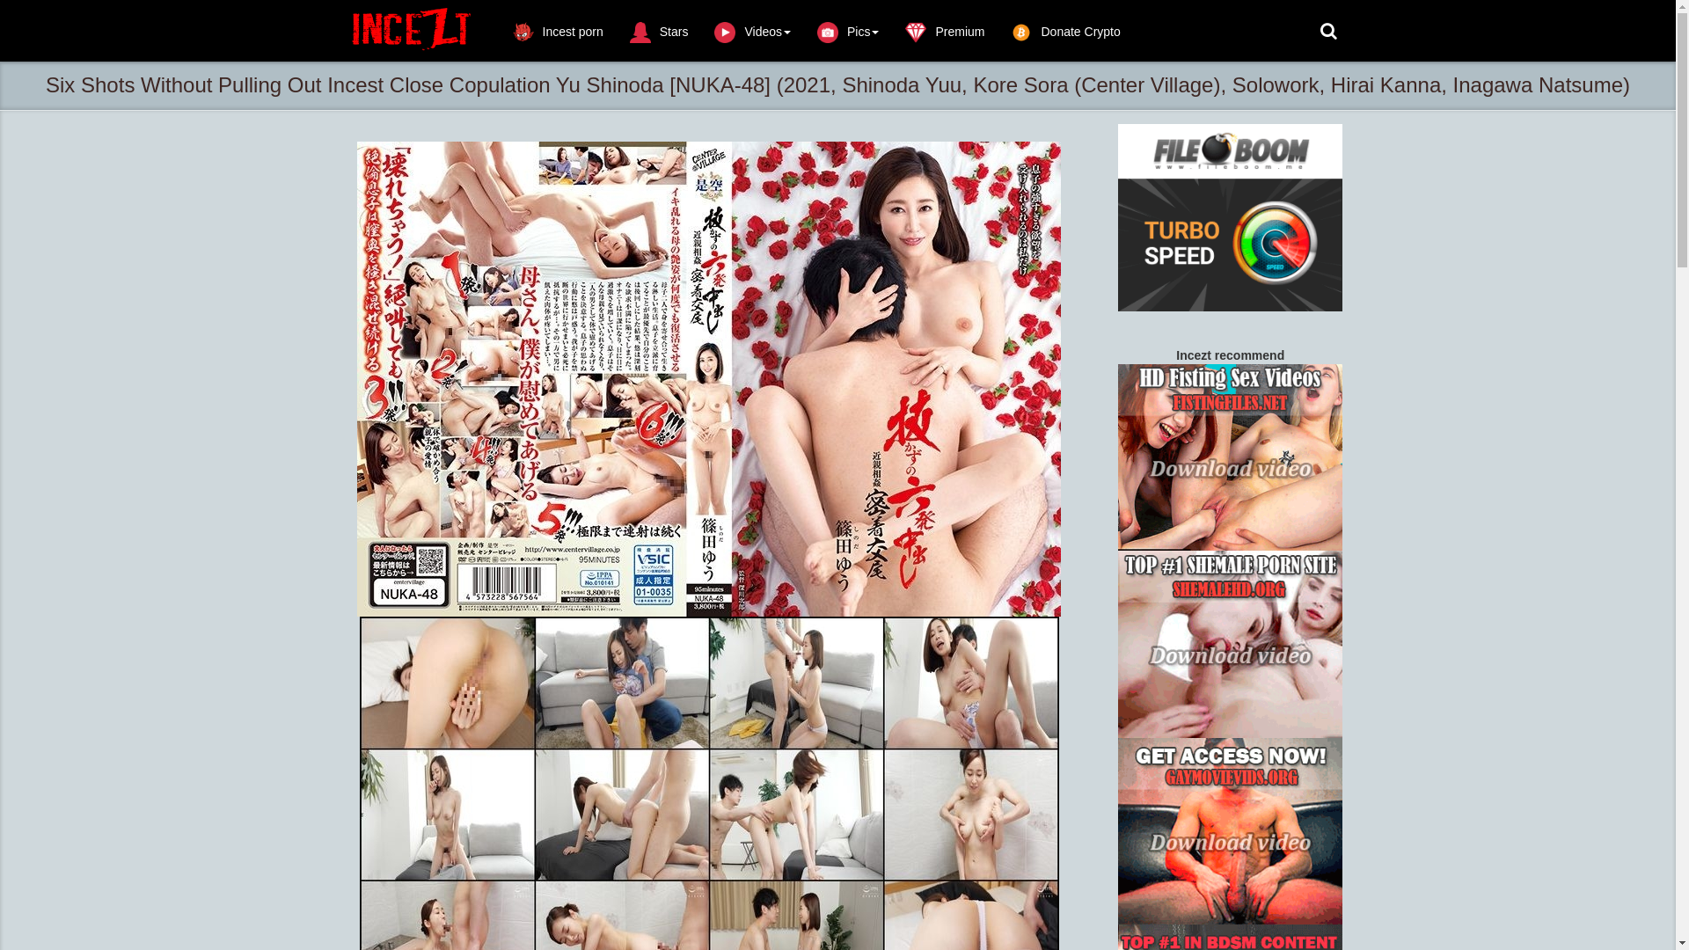  I want to click on 'gaymovievids', so click(1229, 831).